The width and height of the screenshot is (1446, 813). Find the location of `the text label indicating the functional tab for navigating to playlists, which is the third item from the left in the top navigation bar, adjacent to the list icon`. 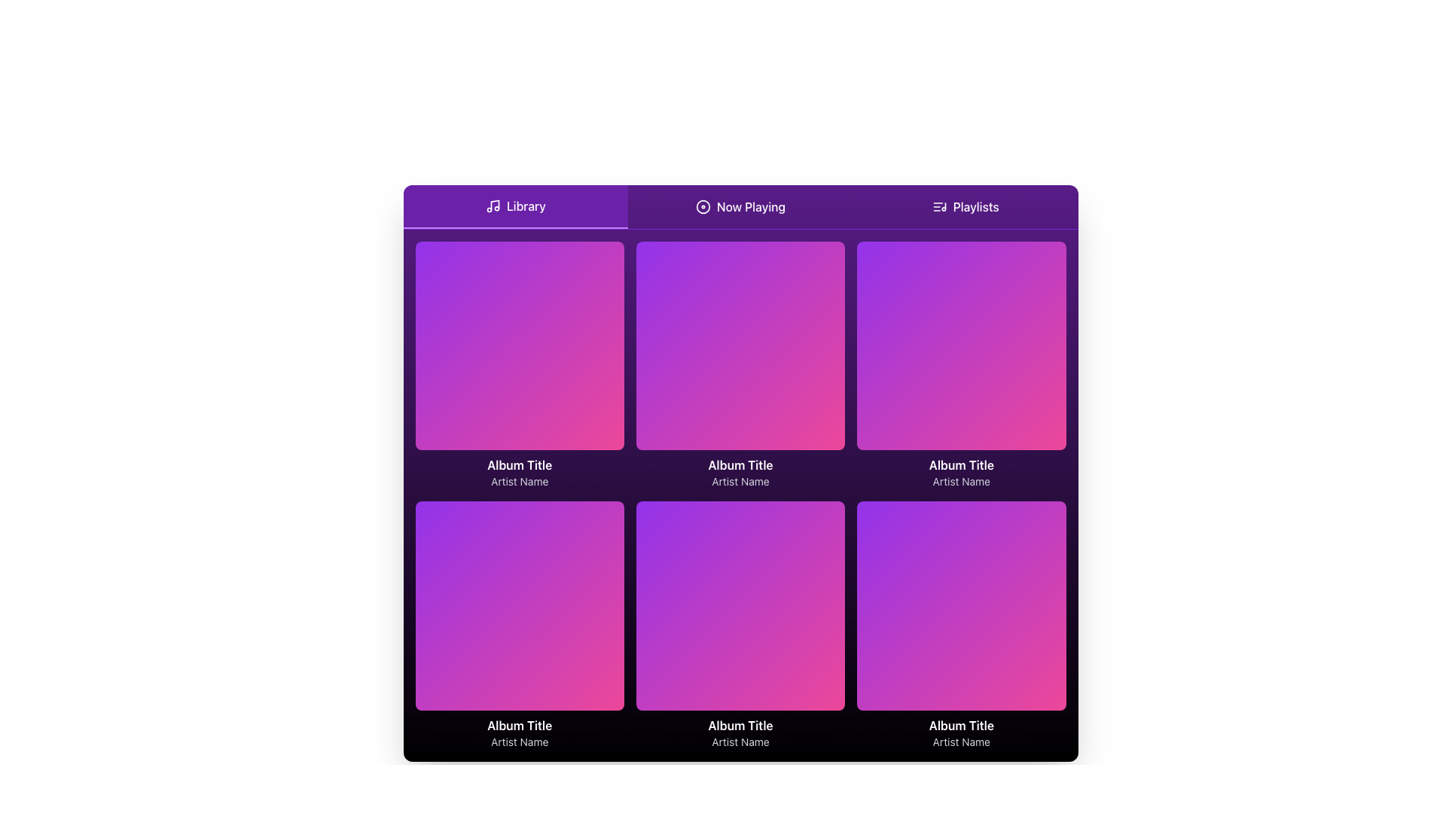

the text label indicating the functional tab for navigating to playlists, which is the third item from the left in the top navigation bar, adjacent to the list icon is located at coordinates (976, 206).